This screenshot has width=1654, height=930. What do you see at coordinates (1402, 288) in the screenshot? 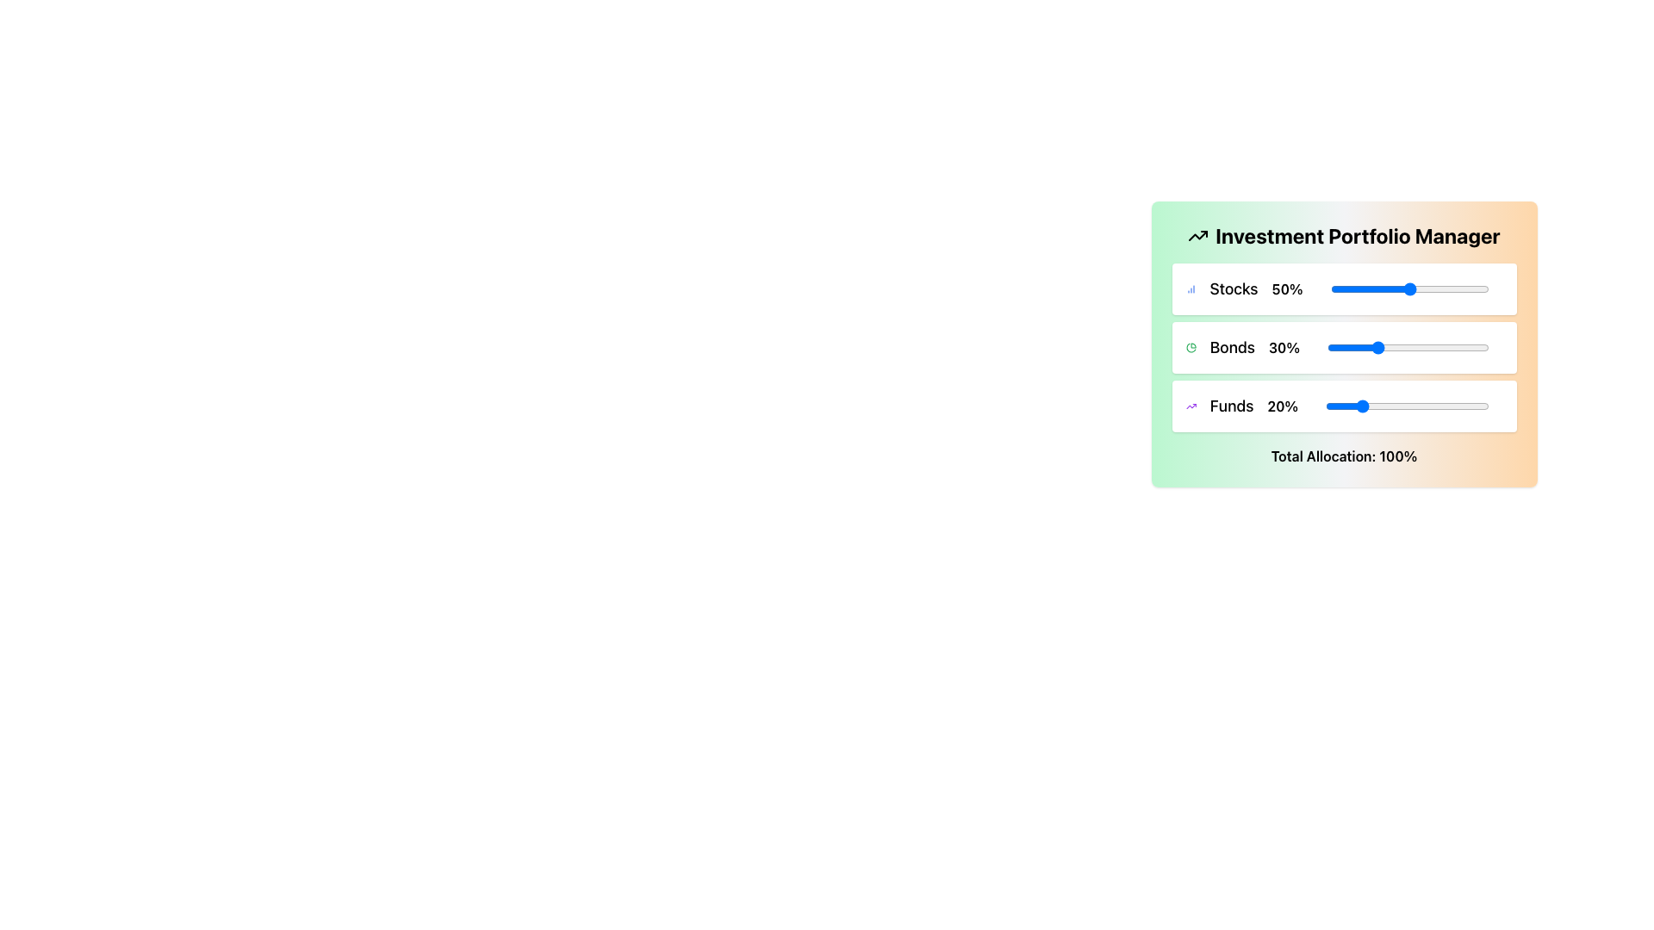
I see `the allocation percentage of the Stocks slider` at bounding box center [1402, 288].